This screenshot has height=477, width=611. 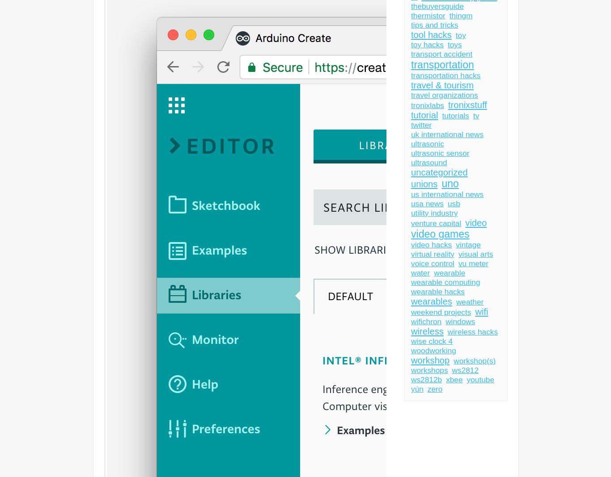 What do you see at coordinates (424, 115) in the screenshot?
I see `'tutorial'` at bounding box center [424, 115].